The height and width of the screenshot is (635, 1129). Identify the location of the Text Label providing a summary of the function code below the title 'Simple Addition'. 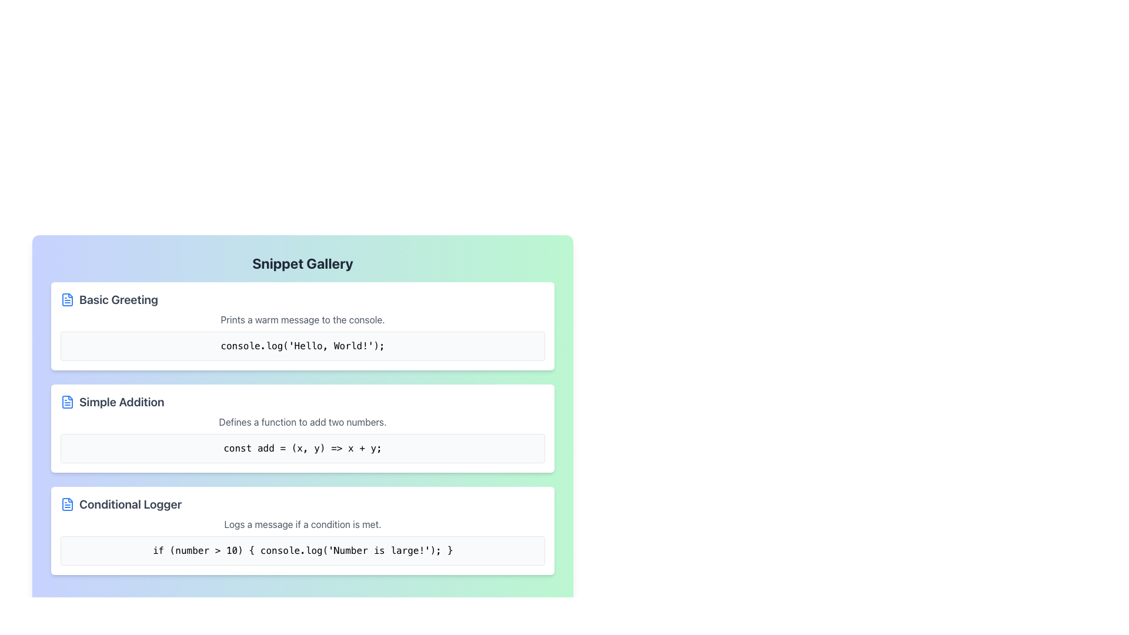
(302, 421).